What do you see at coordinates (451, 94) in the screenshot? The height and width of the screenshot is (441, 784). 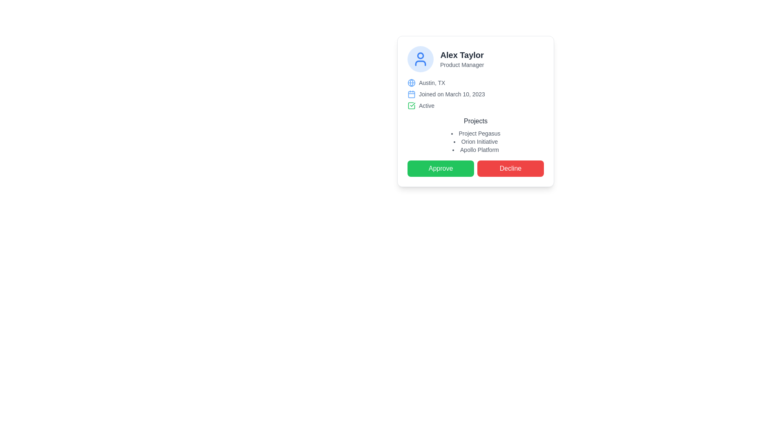 I see `the date label in the user profile card, which is positioned to the right of a calendar icon and below a location description` at bounding box center [451, 94].